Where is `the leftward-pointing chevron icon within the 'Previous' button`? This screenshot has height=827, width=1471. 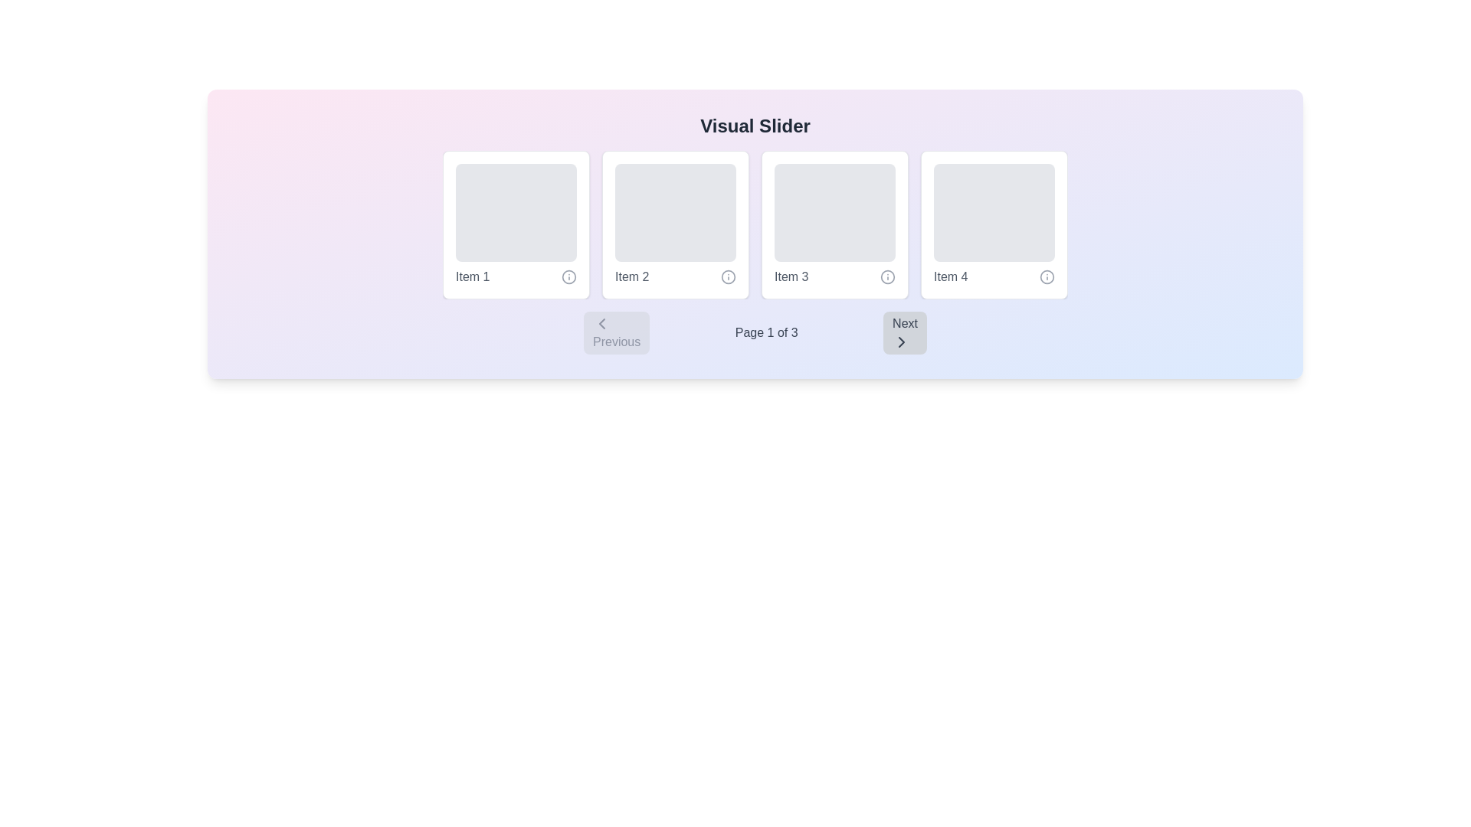 the leftward-pointing chevron icon within the 'Previous' button is located at coordinates (601, 323).